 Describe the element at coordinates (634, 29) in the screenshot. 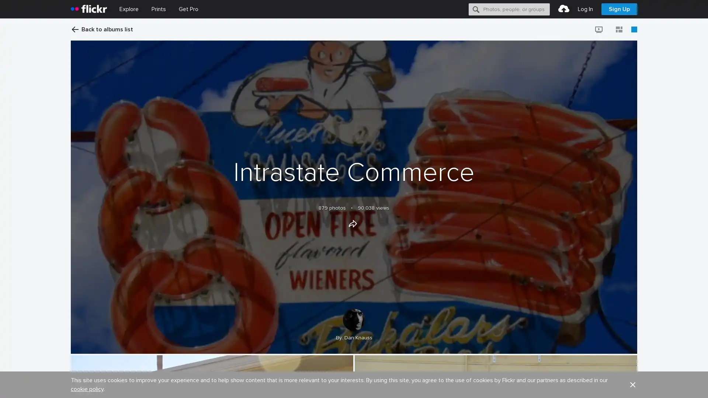

I see `Large view` at that location.